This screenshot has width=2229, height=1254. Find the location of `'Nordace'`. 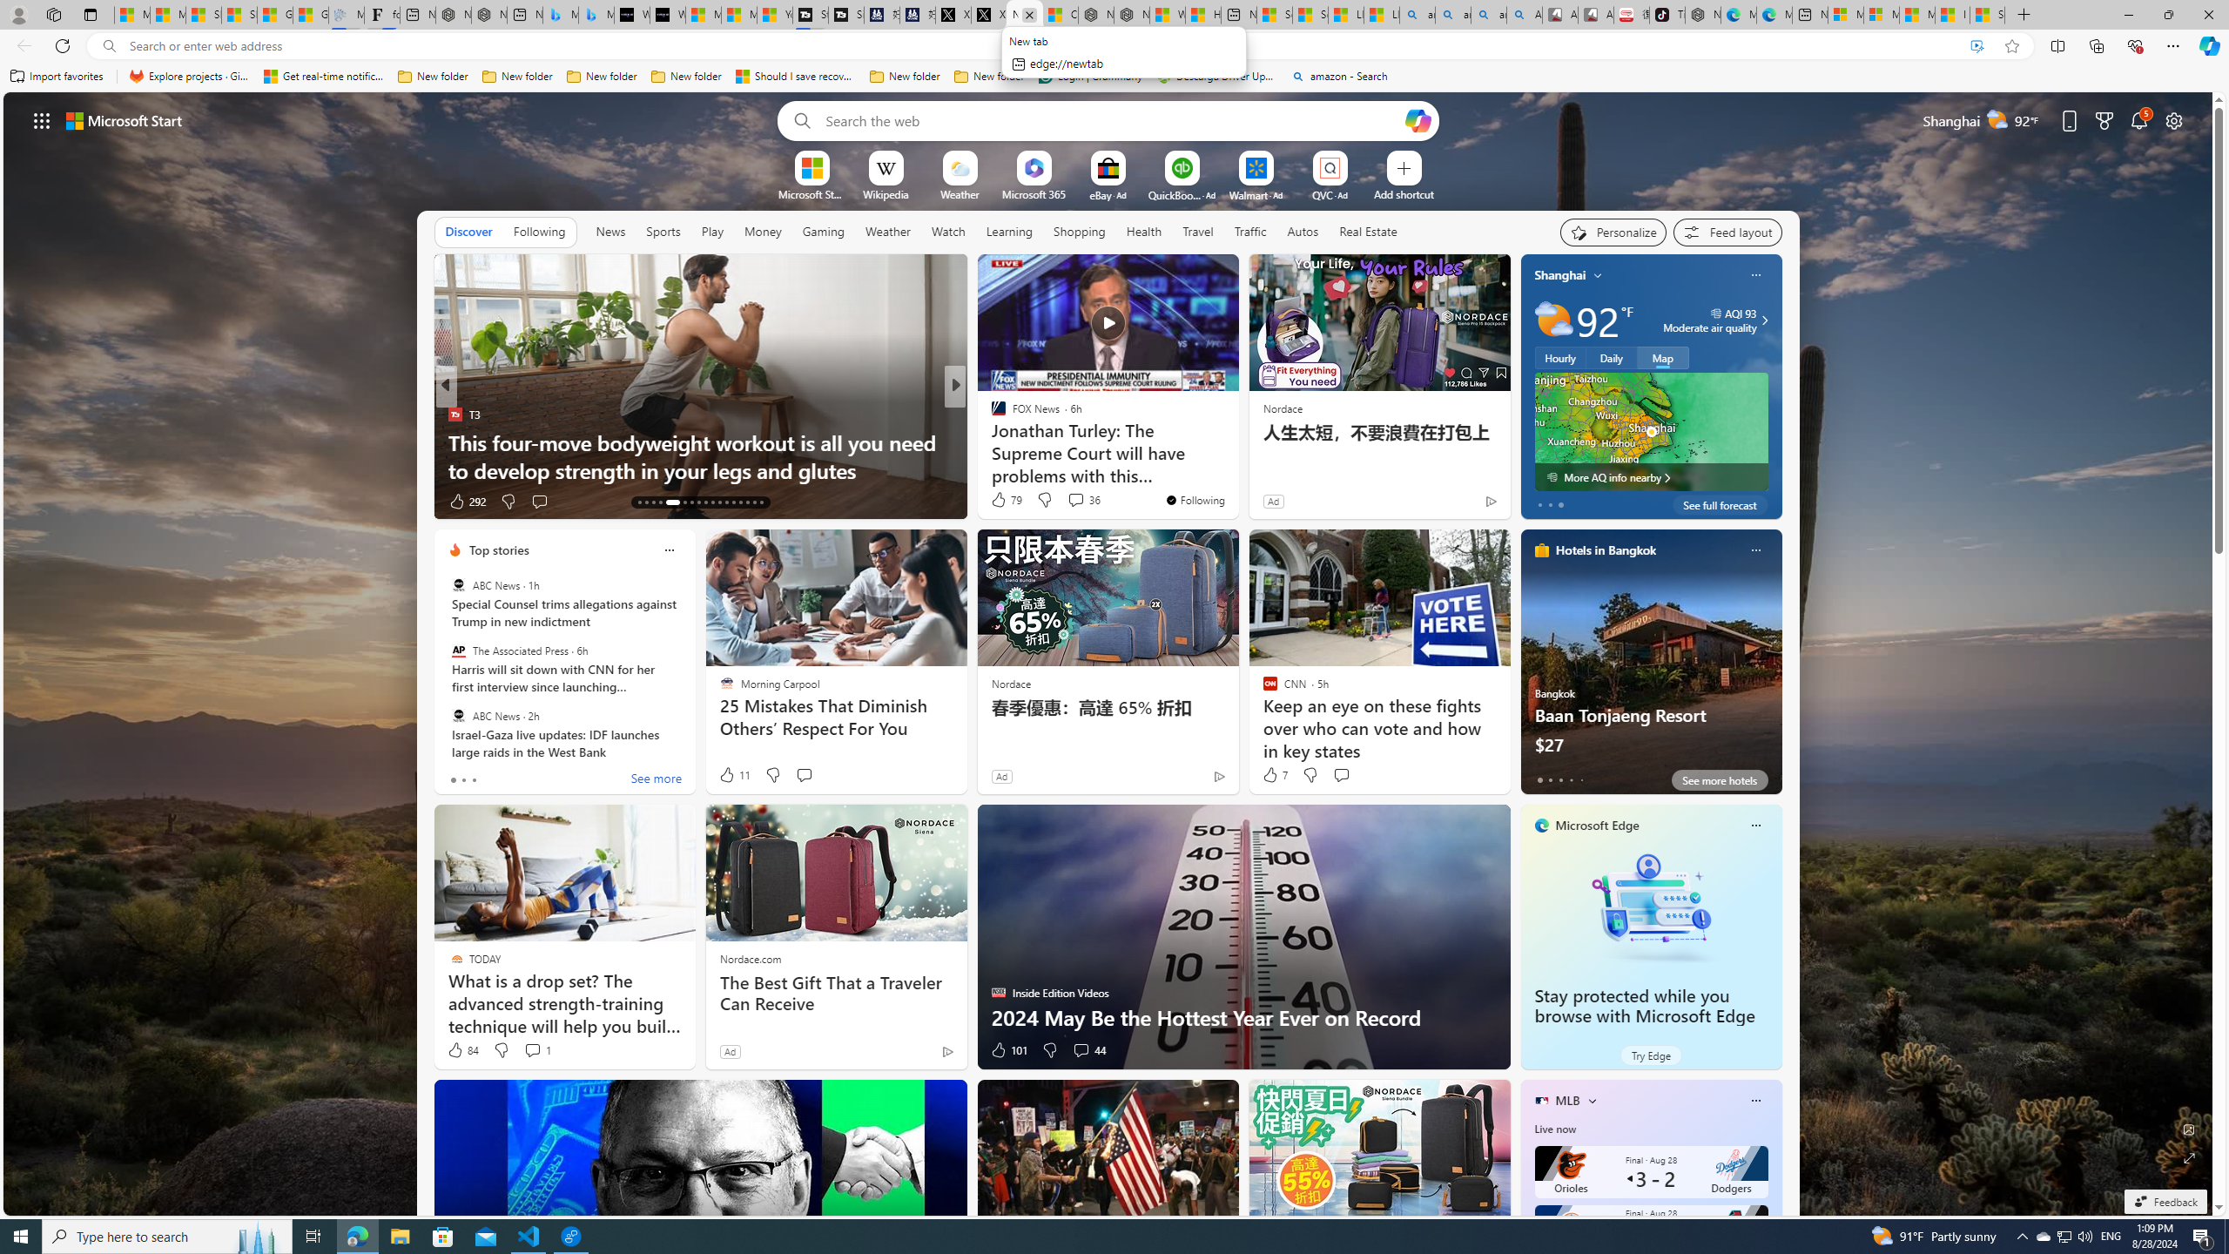

'Nordace' is located at coordinates (1009, 684).